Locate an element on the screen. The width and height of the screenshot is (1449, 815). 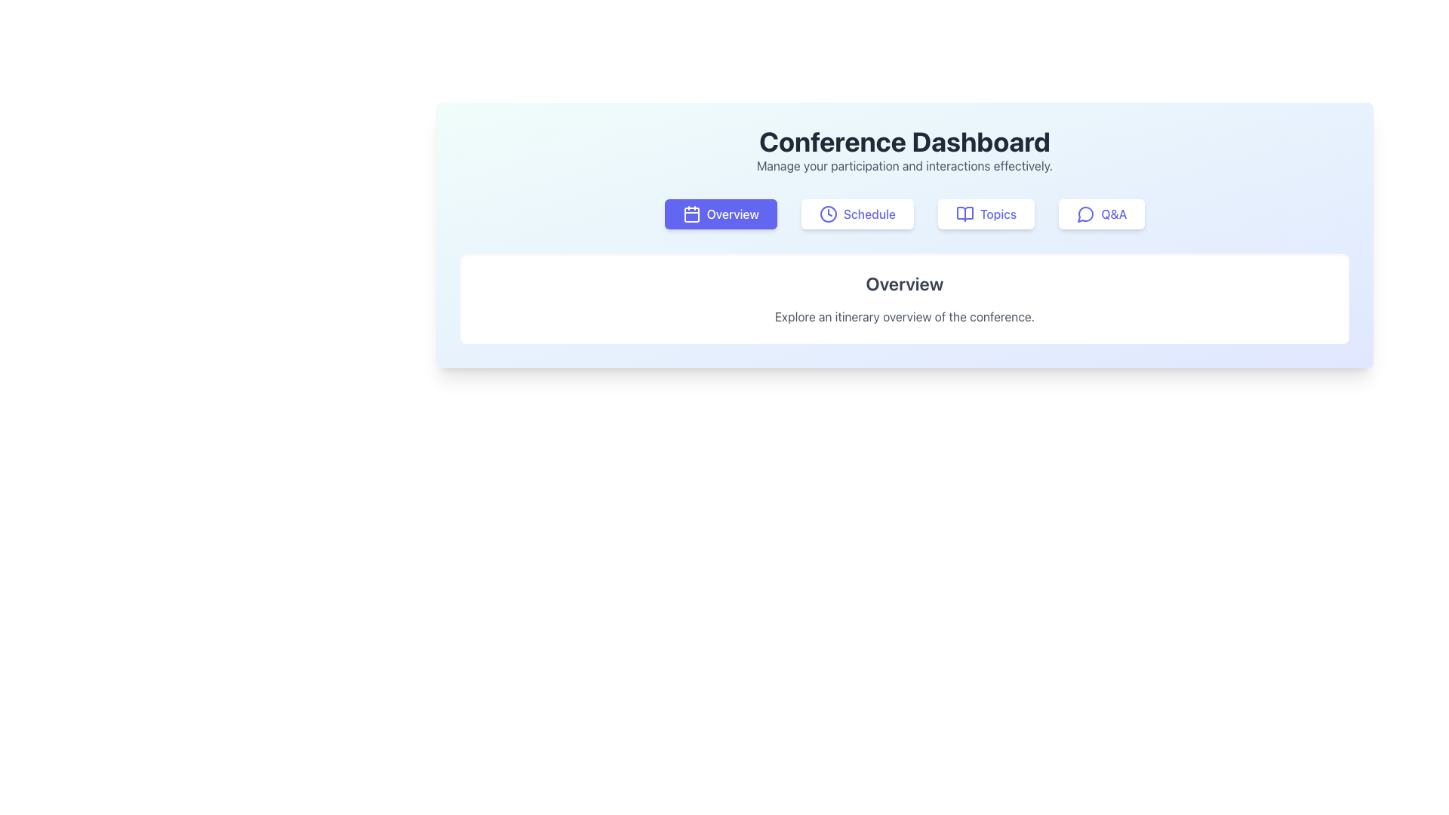
the clock icon located on the left side of the 'Schedule' button, which is situated between the 'Overview' button and the 'Topics' button near the top center of the interface is located at coordinates (827, 214).